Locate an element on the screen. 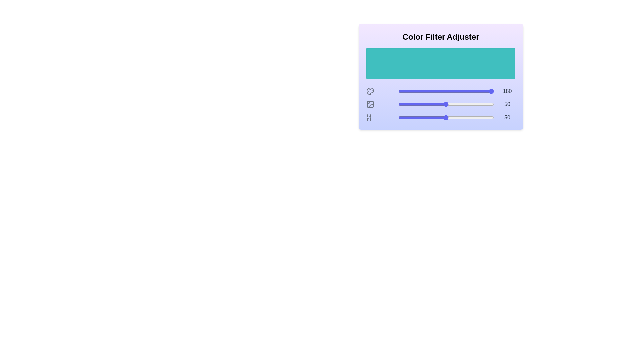  the 0 slider to 97 to observe the color preview area is located at coordinates (491, 91).